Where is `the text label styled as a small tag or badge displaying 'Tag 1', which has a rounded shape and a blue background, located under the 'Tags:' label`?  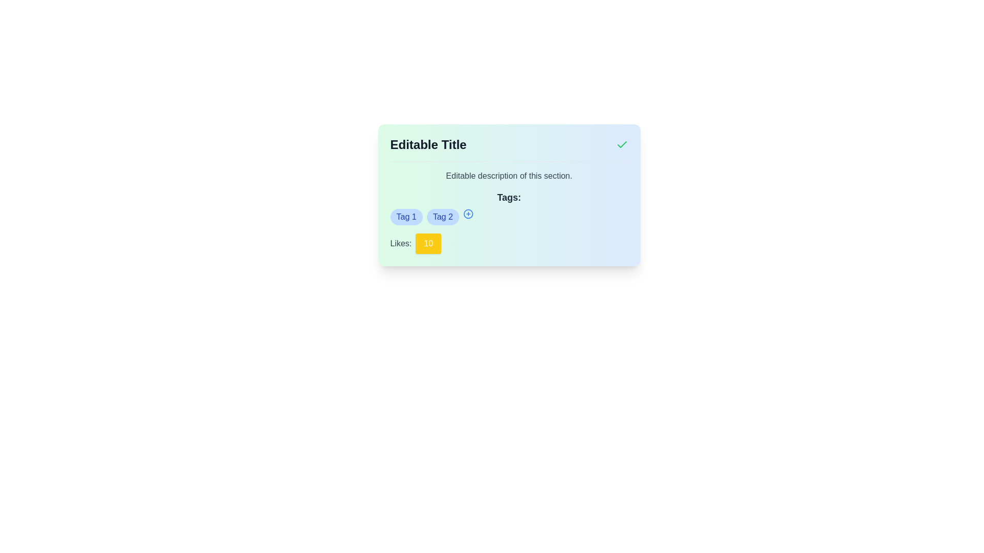
the text label styled as a small tag or badge displaying 'Tag 1', which has a rounded shape and a blue background, located under the 'Tags:' label is located at coordinates (406, 217).